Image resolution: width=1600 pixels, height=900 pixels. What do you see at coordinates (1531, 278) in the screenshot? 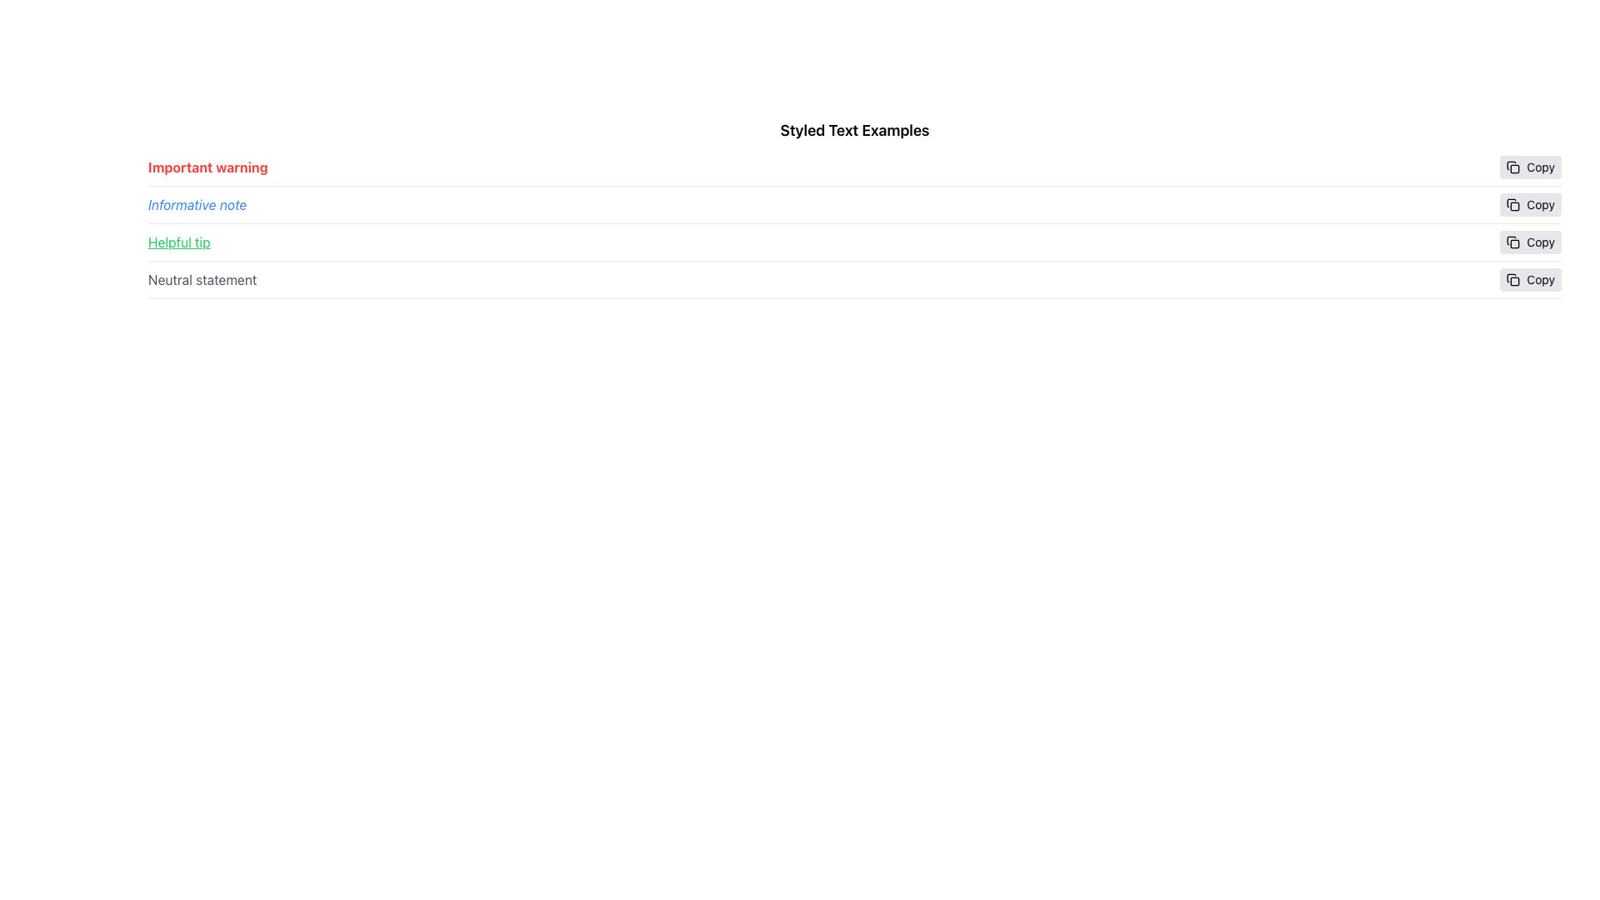
I see `the 'Copy' button associated with the 'Neutral statement' text to change its background color` at bounding box center [1531, 278].